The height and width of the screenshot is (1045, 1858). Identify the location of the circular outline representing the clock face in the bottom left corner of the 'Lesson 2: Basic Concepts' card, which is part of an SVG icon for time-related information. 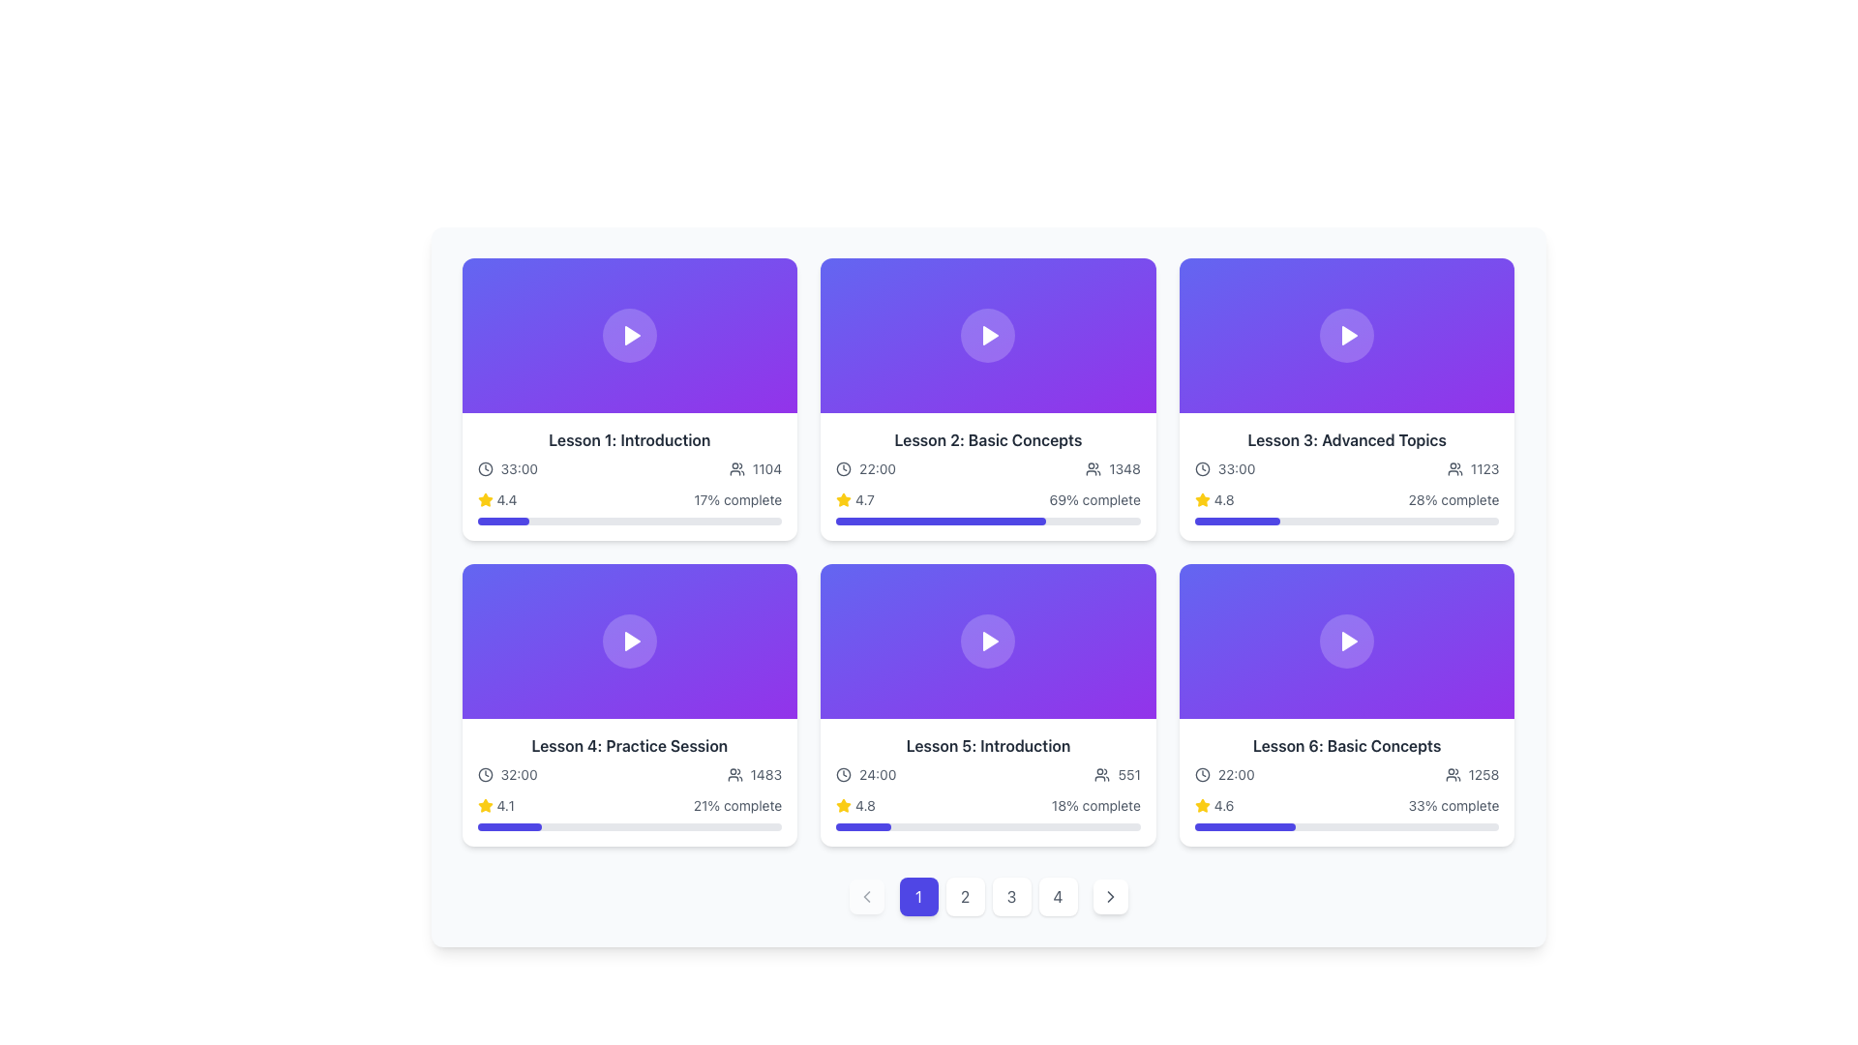
(1201, 469).